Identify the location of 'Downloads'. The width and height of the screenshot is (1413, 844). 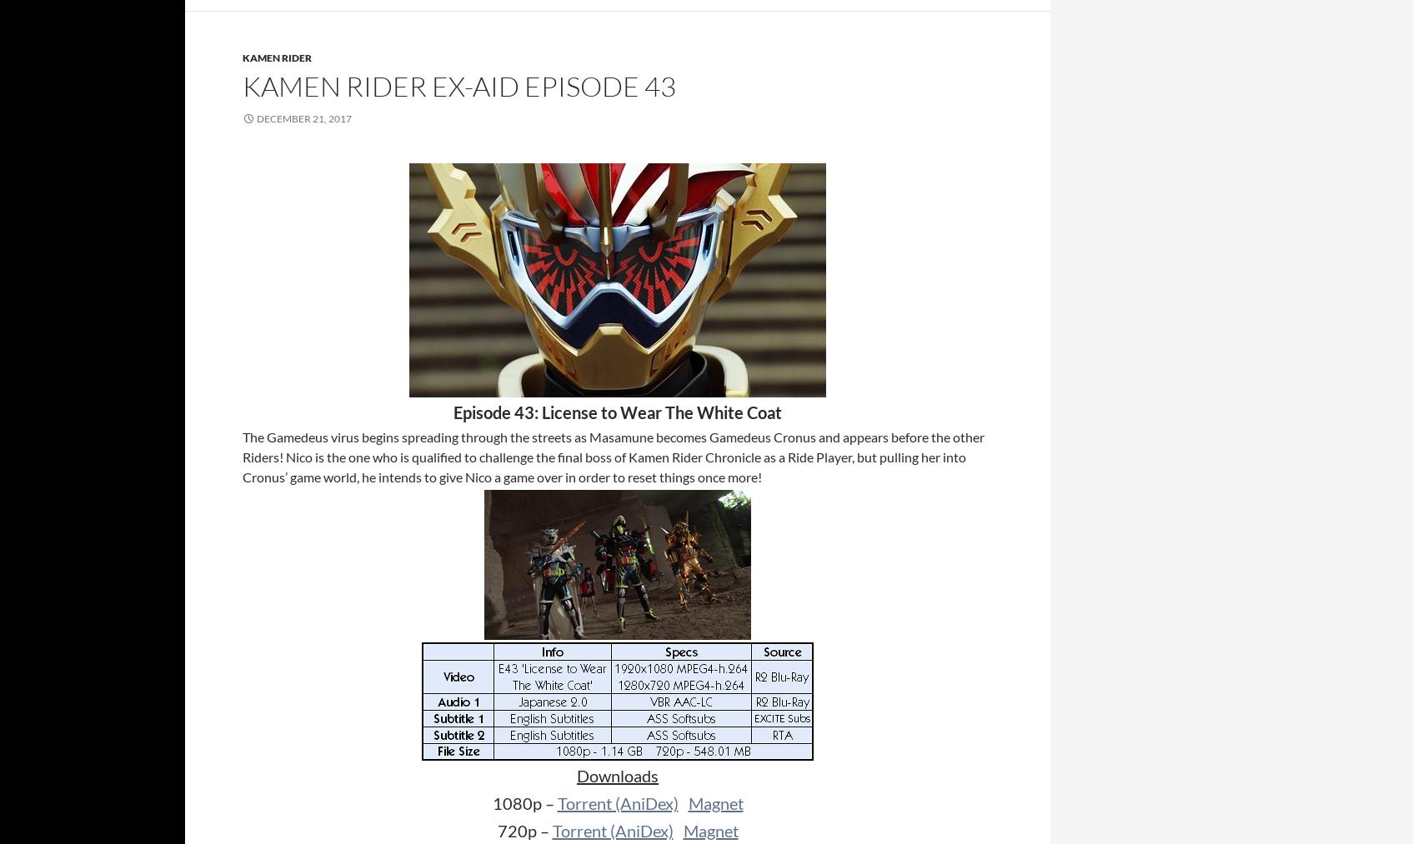
(617, 776).